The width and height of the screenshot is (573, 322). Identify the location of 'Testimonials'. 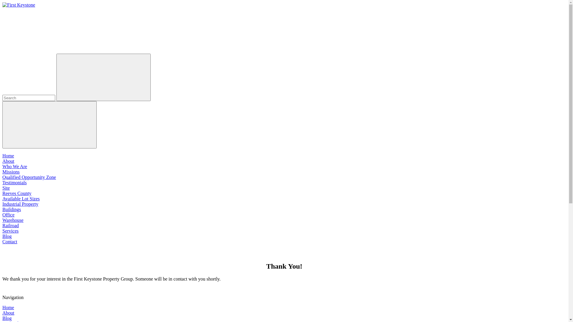
(14, 182).